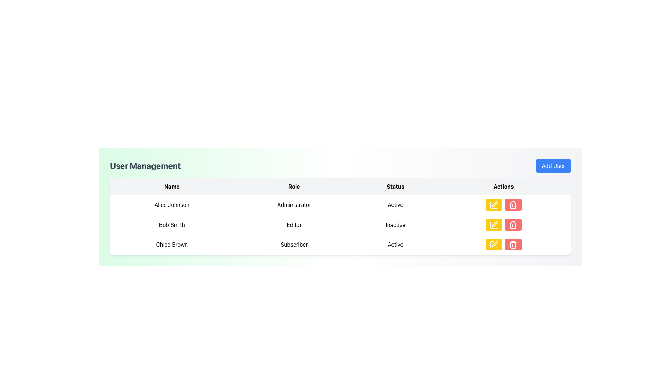 Image resolution: width=664 pixels, height=373 pixels. I want to click on the red trash can icon located on the button in the third row of the 'Actions' column, so click(513, 204).